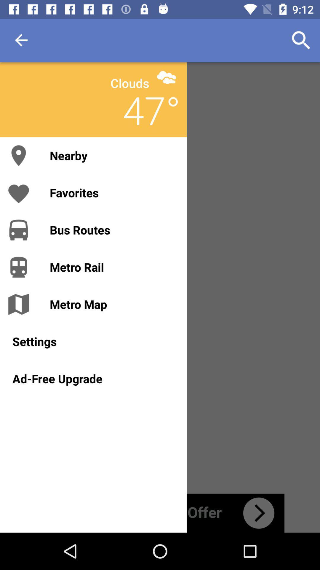  Describe the element at coordinates (166, 77) in the screenshot. I see `icon next to clouds icon` at that location.